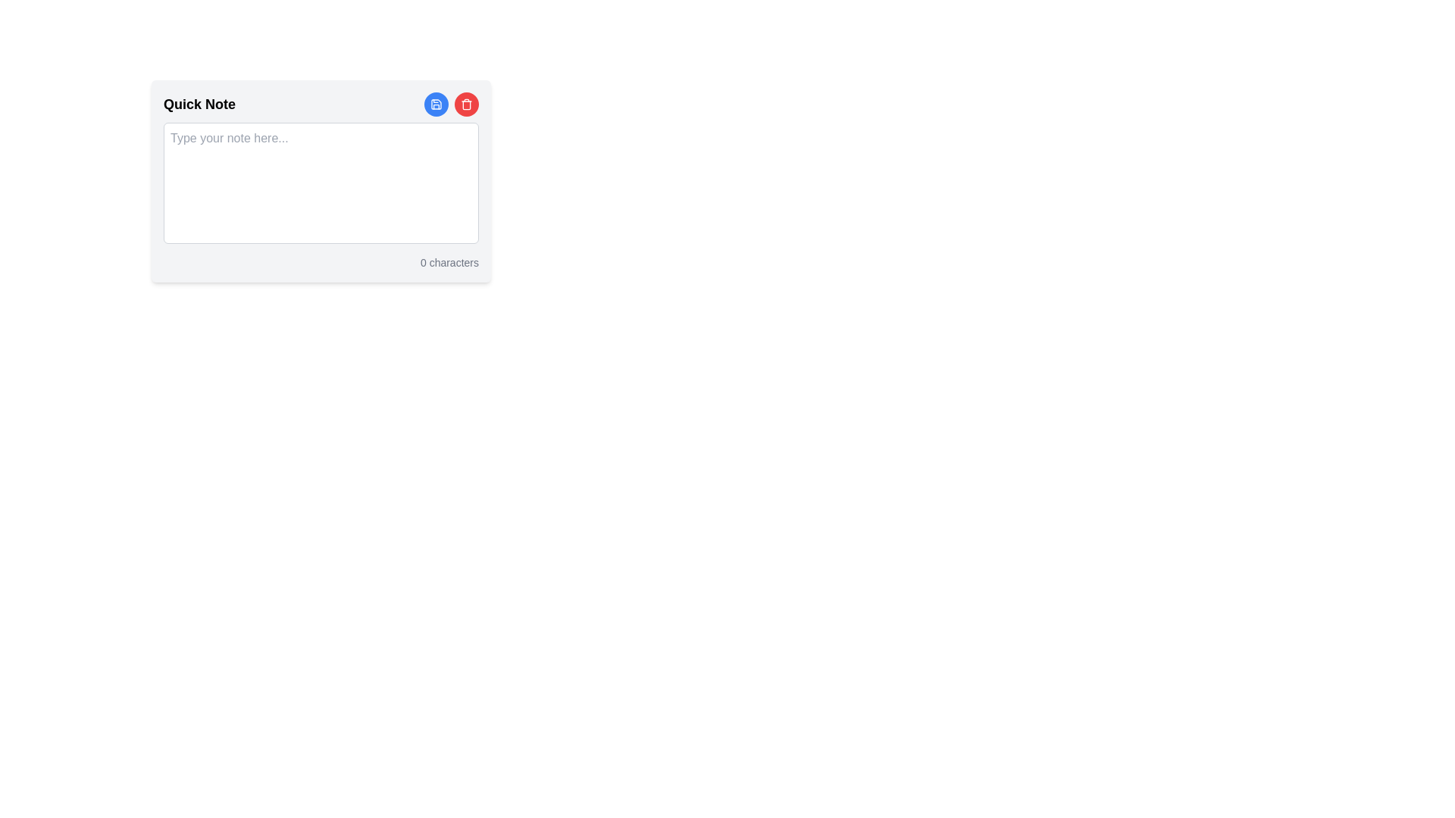 Image resolution: width=1455 pixels, height=818 pixels. I want to click on the circular red button with a white trash icon located at the top-right corner of the 'Quick Note' widget, so click(465, 104).